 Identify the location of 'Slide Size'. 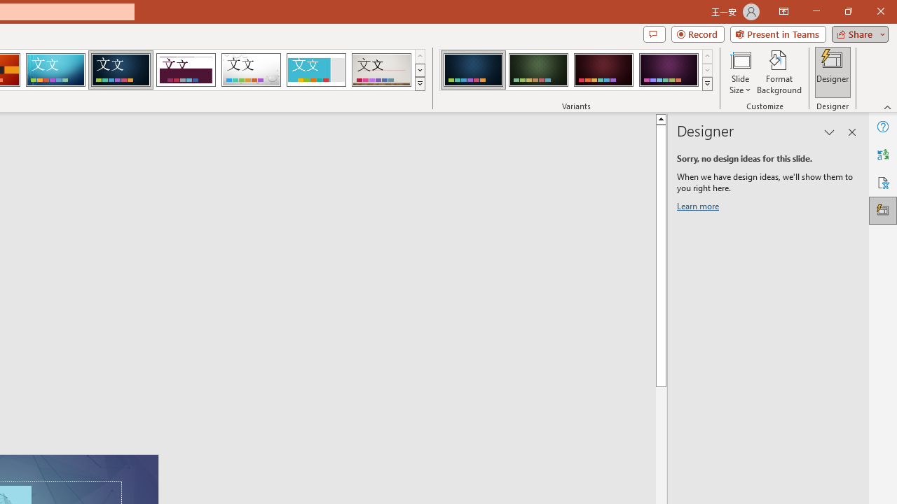
(739, 72).